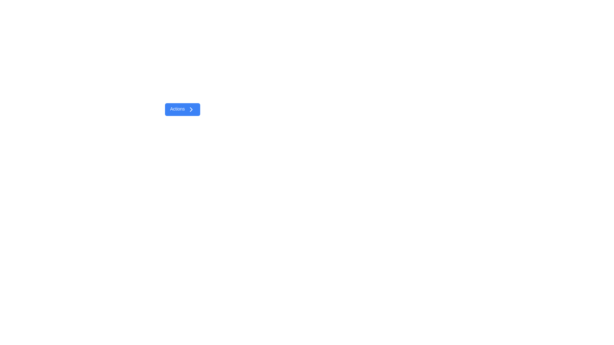 This screenshot has height=345, width=614. I want to click on the chevron icon pointing to the right, which is located adjacent to the 'Actions' label, so click(191, 109).